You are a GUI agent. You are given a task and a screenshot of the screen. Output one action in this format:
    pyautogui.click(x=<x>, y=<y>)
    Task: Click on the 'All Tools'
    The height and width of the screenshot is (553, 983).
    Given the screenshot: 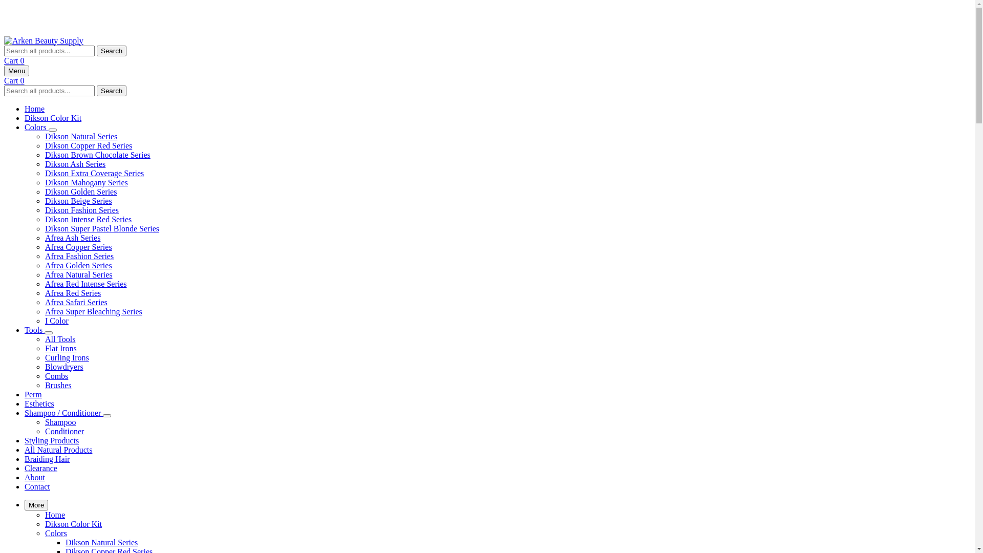 What is the action you would take?
    pyautogui.click(x=59, y=339)
    